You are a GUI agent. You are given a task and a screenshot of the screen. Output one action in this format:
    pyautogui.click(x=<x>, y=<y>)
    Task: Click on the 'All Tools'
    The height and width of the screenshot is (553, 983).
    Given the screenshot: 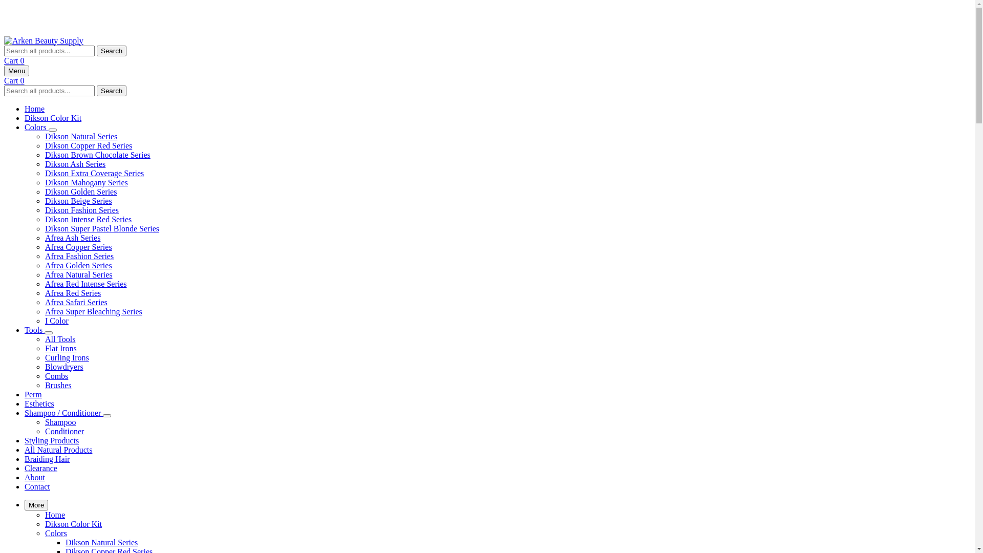 What is the action you would take?
    pyautogui.click(x=59, y=339)
    